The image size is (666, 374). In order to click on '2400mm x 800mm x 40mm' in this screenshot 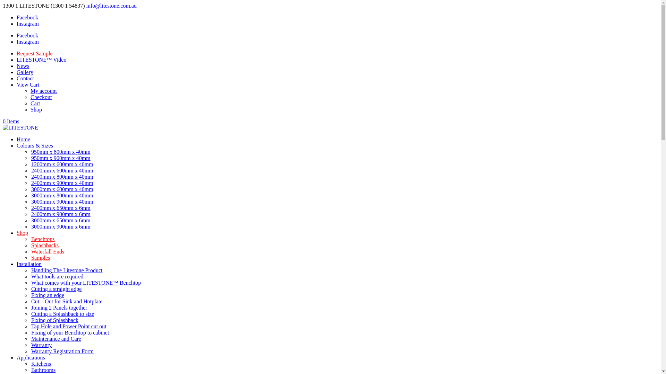, I will do `click(30, 176)`.